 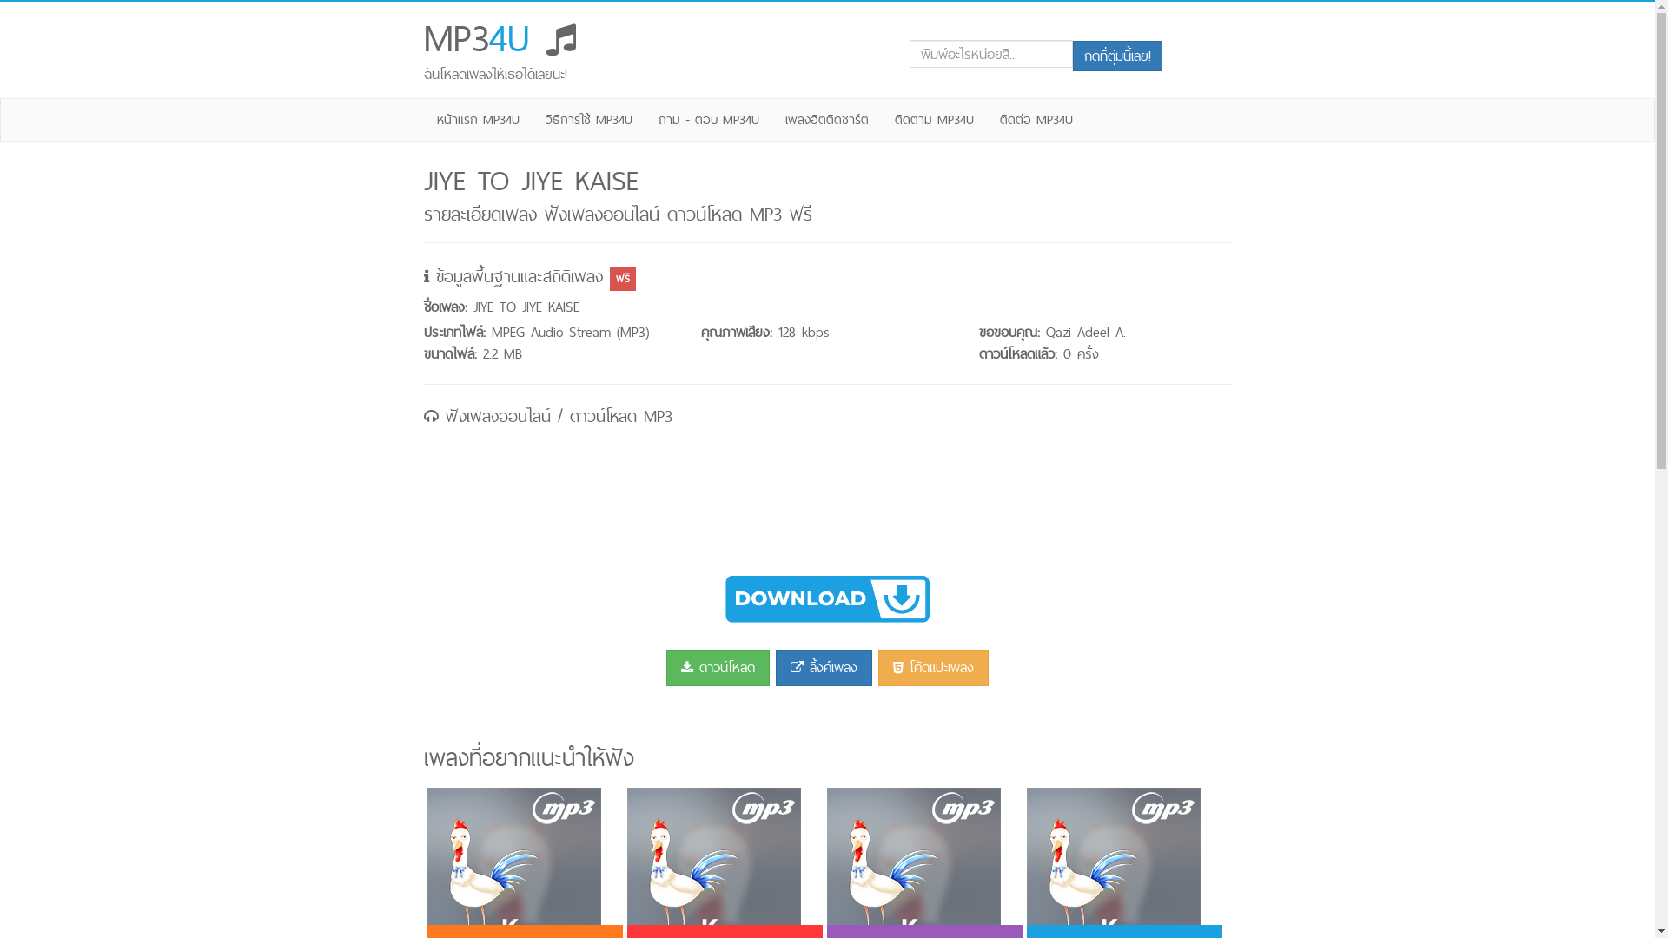 What do you see at coordinates (499, 36) in the screenshot?
I see `'MP34U '` at bounding box center [499, 36].